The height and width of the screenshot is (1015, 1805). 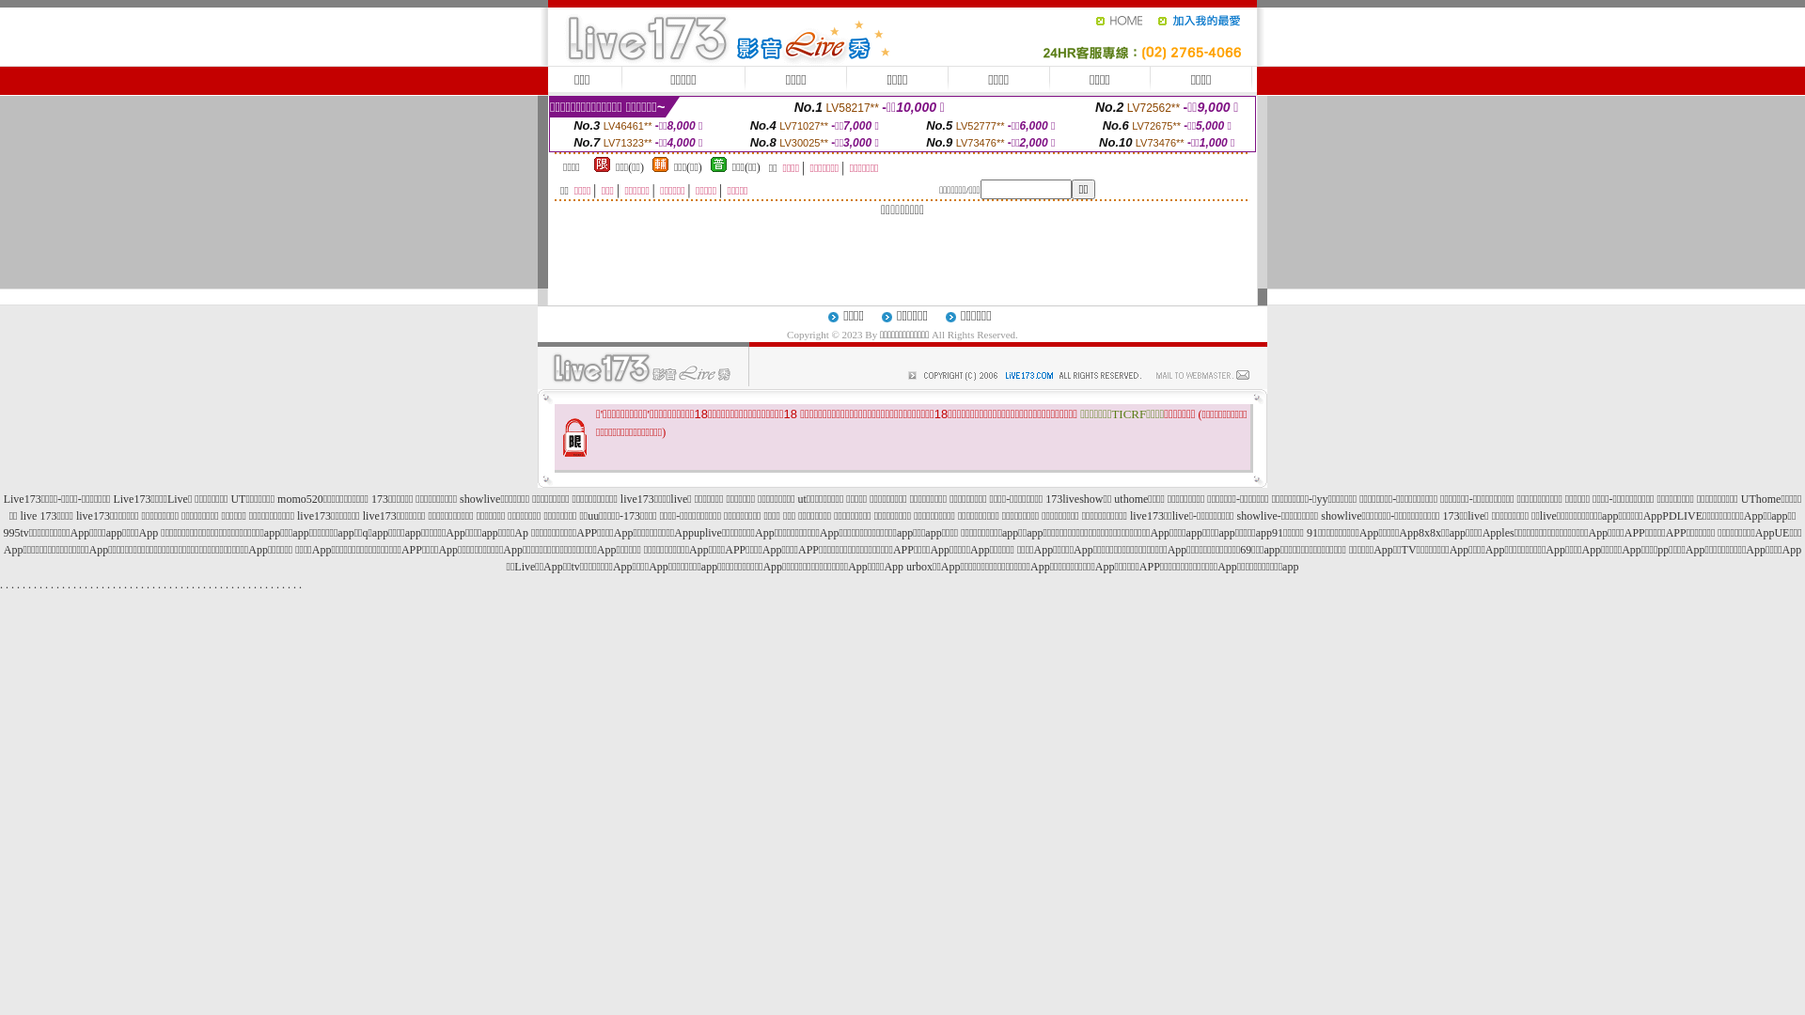 I want to click on '.', so click(x=23, y=583).